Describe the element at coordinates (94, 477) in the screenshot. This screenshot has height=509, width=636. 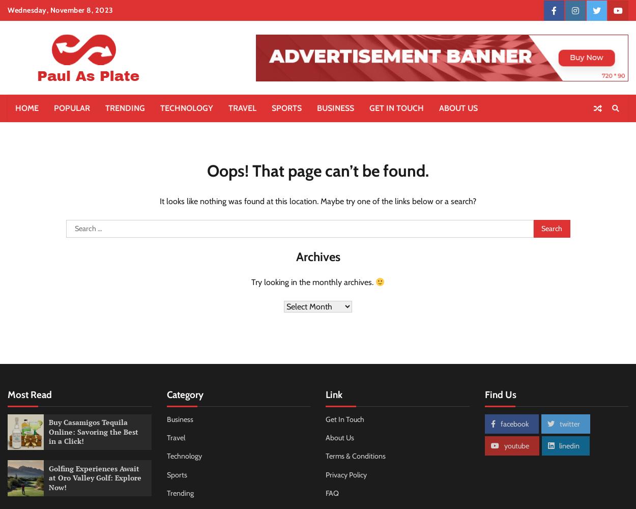
I see `'Golfing Experiences Await at Oro Valley Golf: Explore Now!'` at that location.